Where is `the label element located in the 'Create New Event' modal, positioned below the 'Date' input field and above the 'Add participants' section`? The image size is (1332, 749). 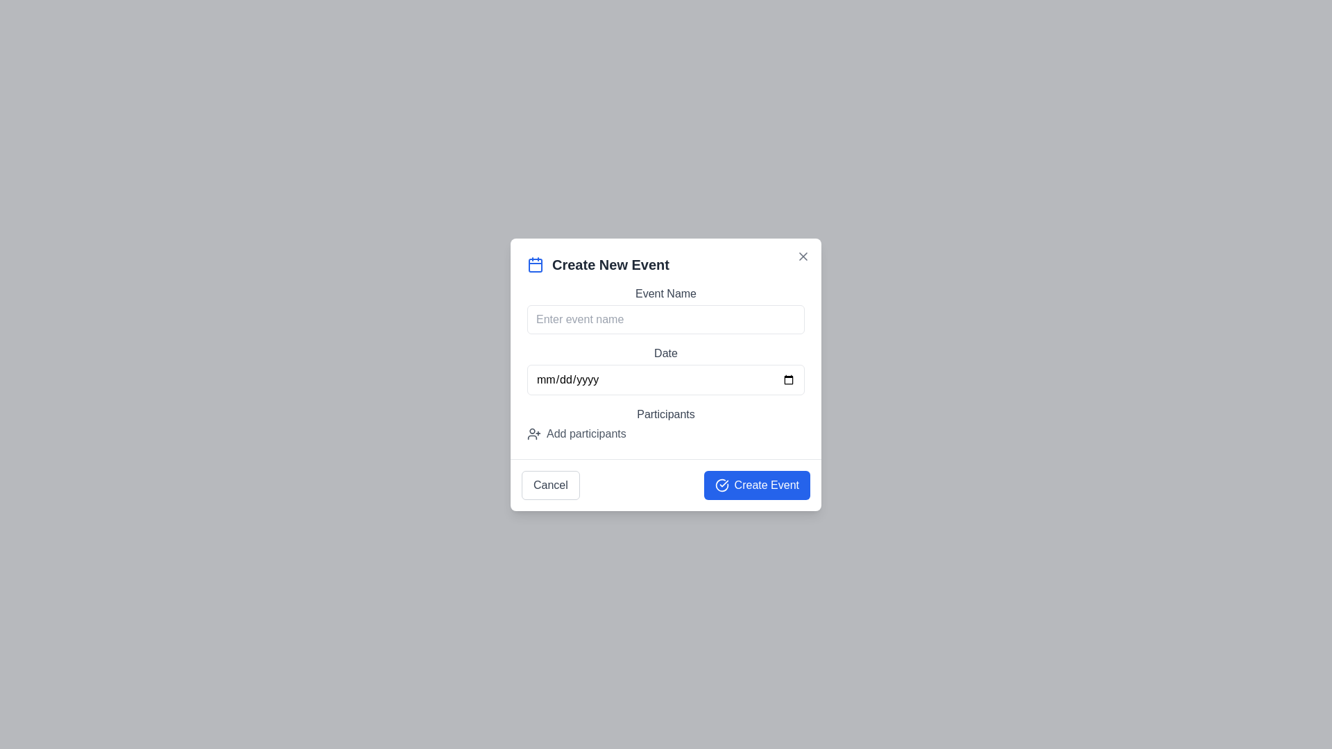
the label element located in the 'Create New Event' modal, positioned below the 'Date' input field and above the 'Add participants' section is located at coordinates (666, 413).